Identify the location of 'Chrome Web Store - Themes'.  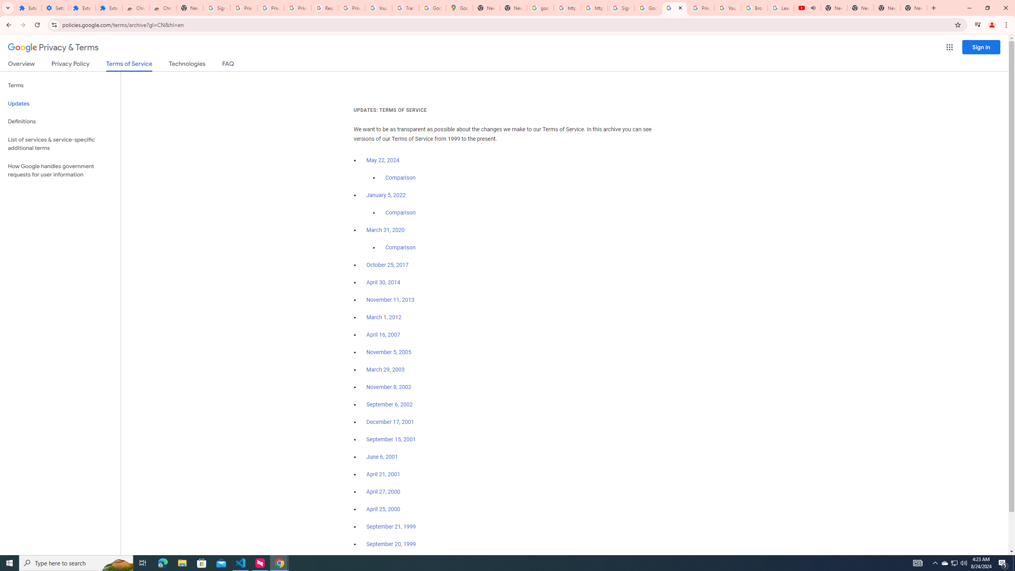
(162, 8).